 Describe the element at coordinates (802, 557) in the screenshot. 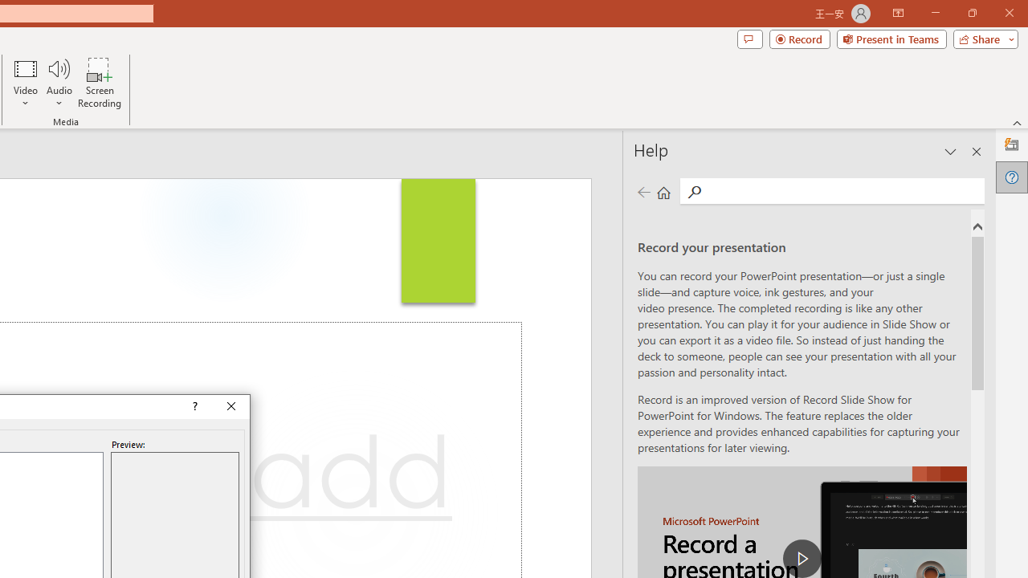

I see `'play Record a Presentation'` at that location.